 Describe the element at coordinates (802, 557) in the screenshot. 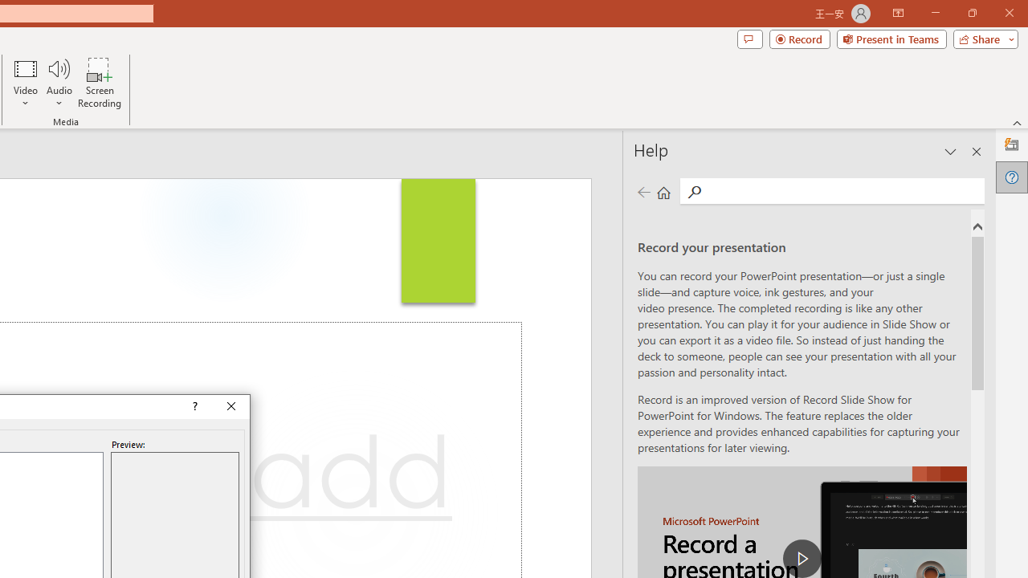

I see `'play Record a Presentation'` at that location.